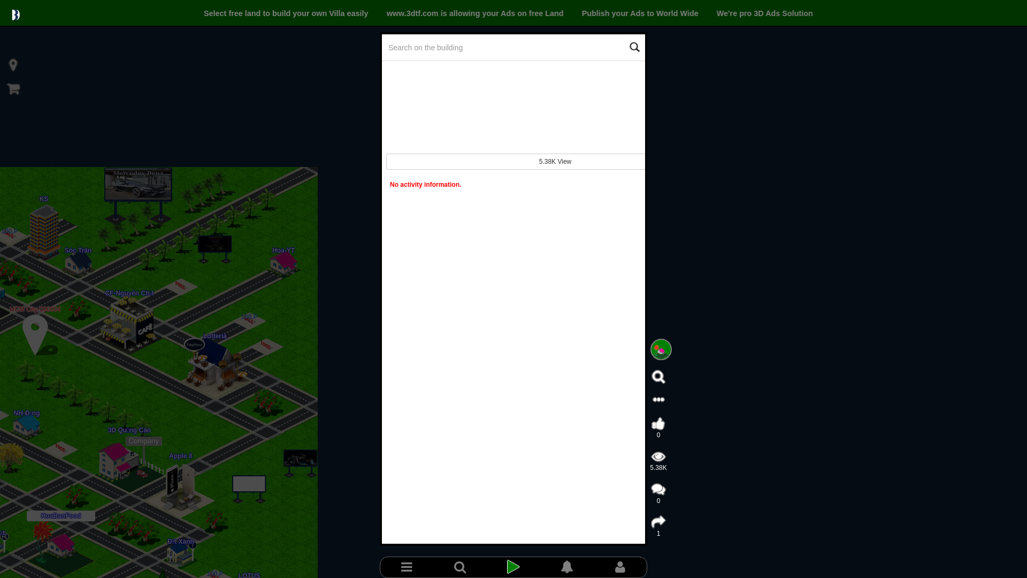  I want to click on 'Hoa-YT', so click(283, 250).